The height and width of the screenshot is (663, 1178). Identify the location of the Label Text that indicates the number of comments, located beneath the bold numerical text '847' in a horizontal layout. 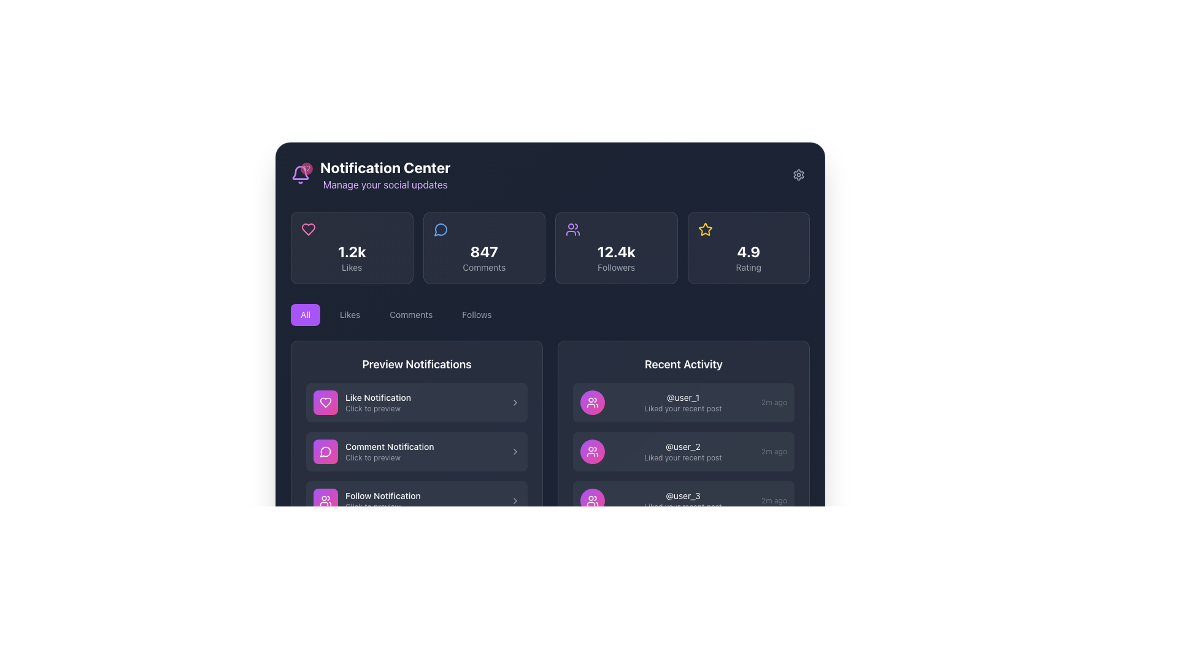
(483, 266).